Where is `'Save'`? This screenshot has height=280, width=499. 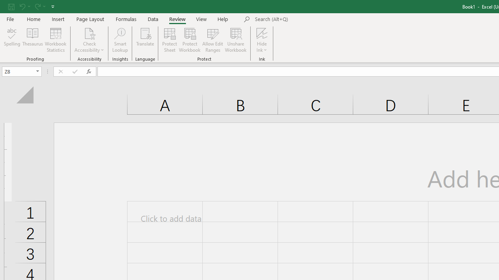 'Save' is located at coordinates (11, 6).